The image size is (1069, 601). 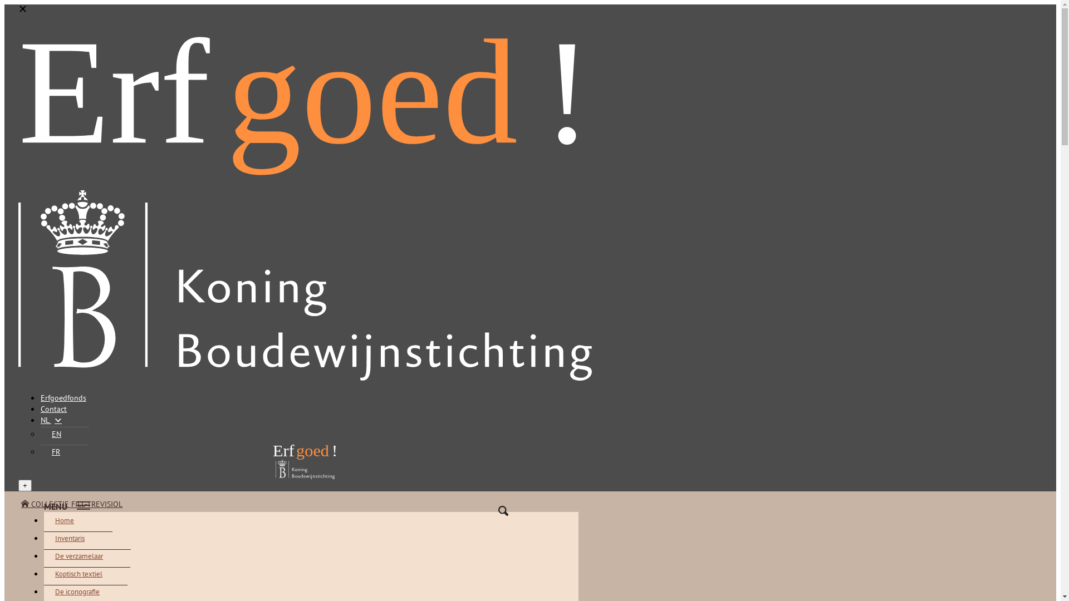 What do you see at coordinates (71, 504) in the screenshot?
I see `'COLLECTIE FILL-TREVISIOL'` at bounding box center [71, 504].